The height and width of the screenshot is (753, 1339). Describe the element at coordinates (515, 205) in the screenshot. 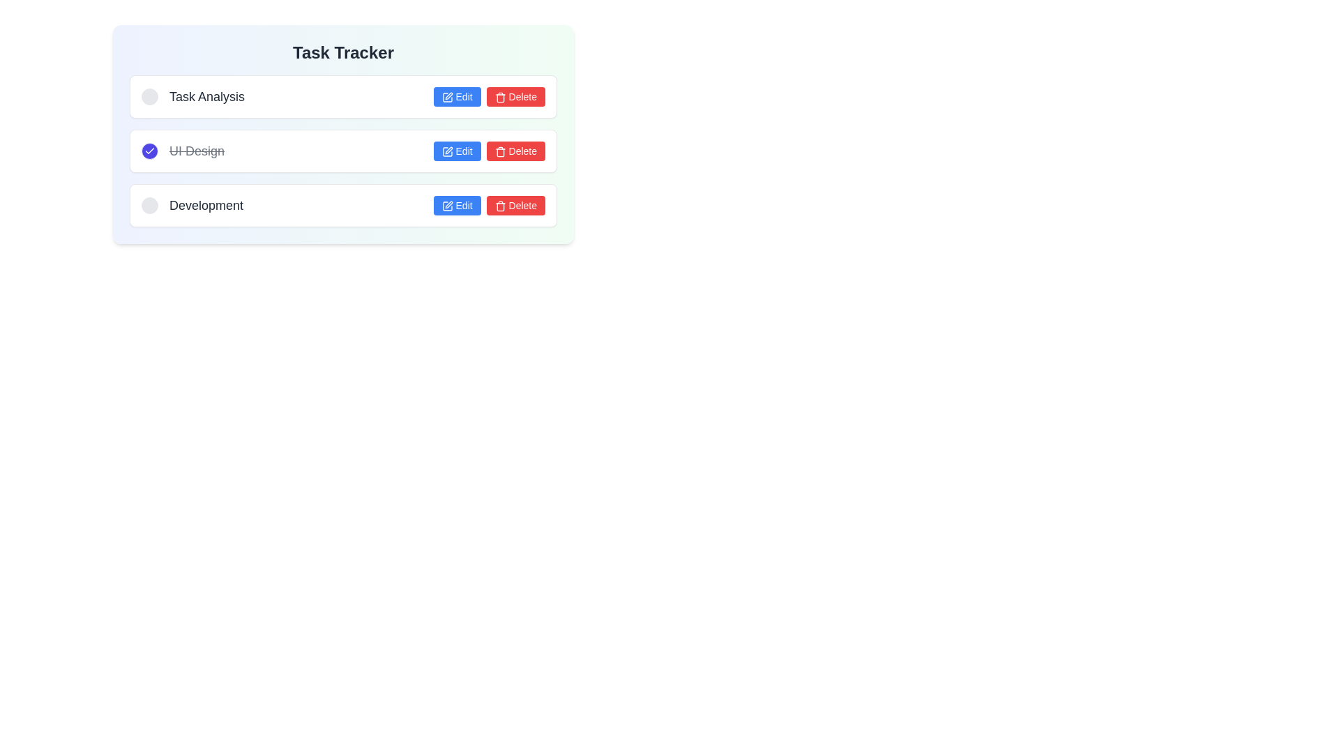

I see `the 'Delete' button located in the third row of the task tracker interface` at that location.